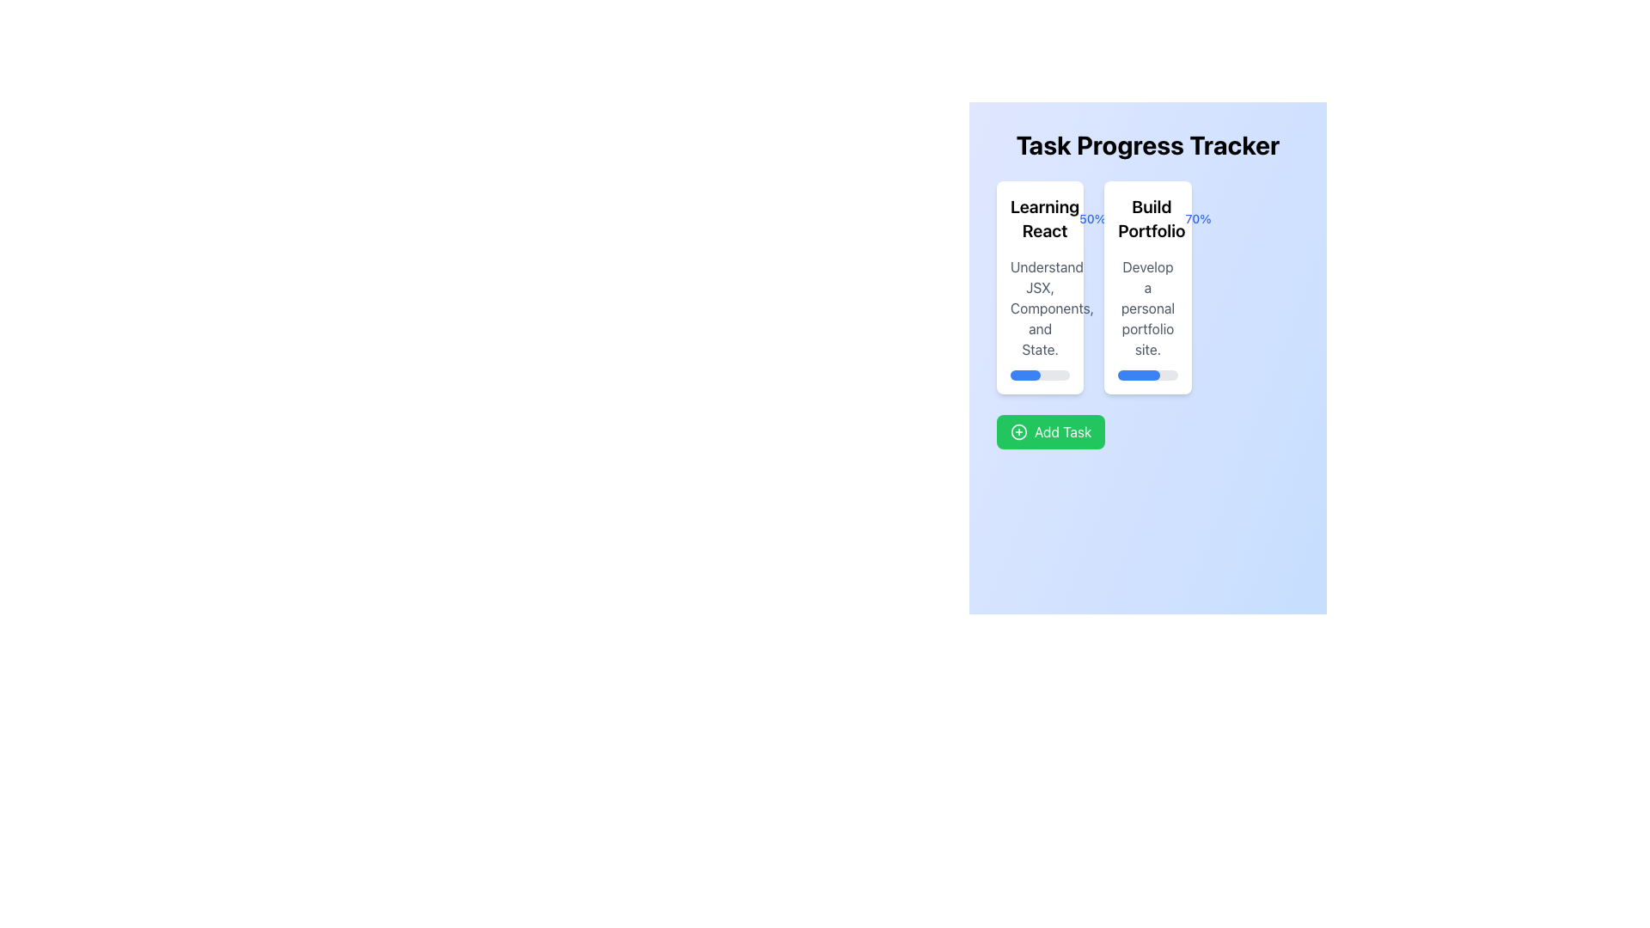 This screenshot has height=928, width=1650. I want to click on the Informational Text Block that serves as a title and progress indicator for the task about 'Learning React', located at the top section of its card, so click(1039, 217).